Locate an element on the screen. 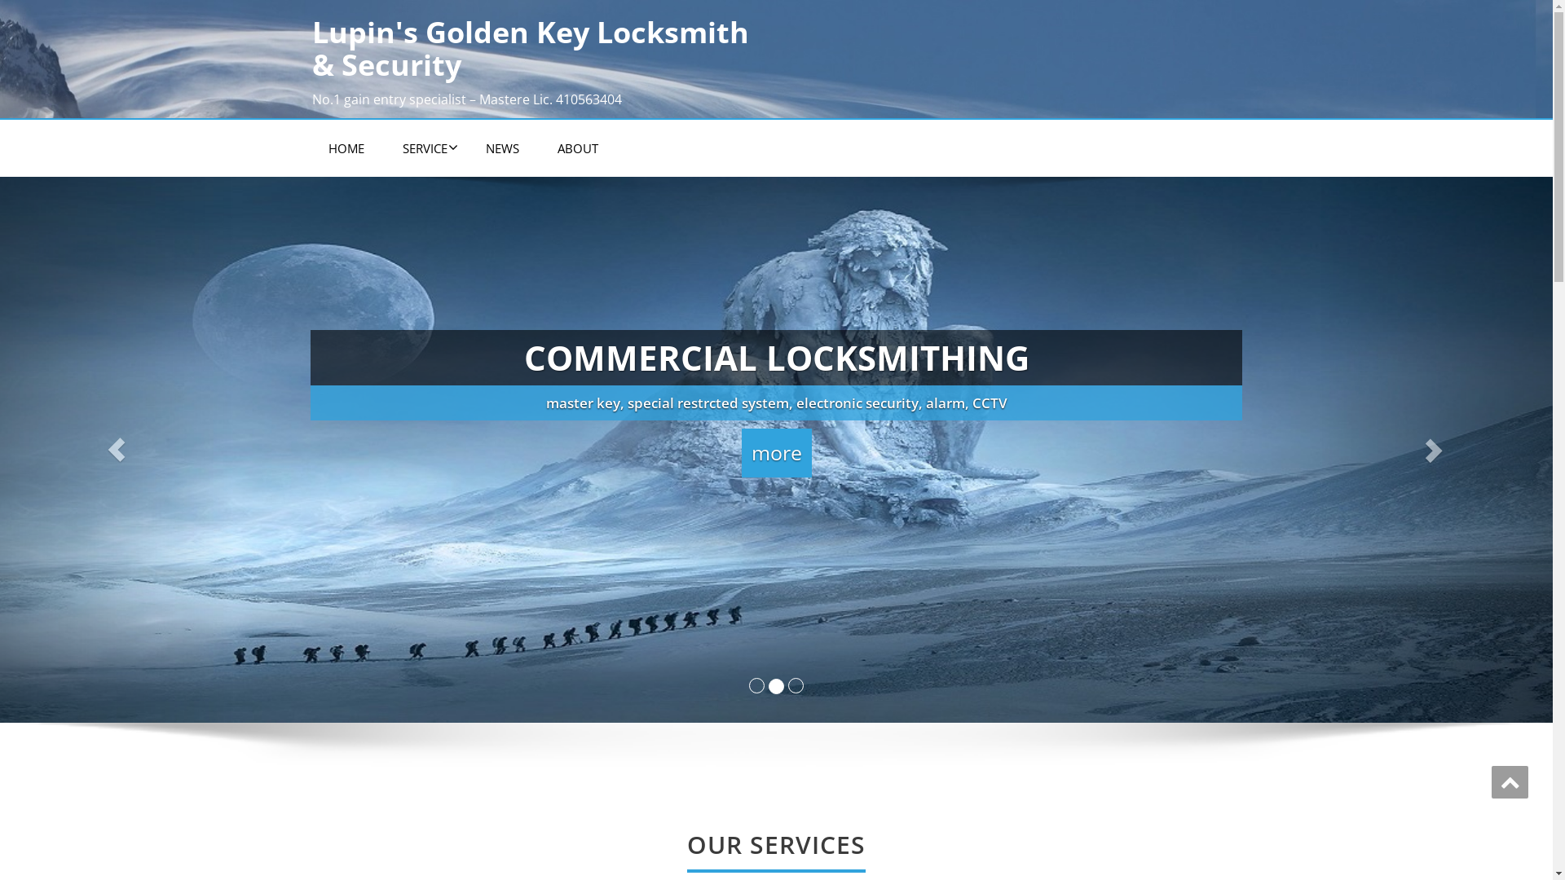 The width and height of the screenshot is (1565, 880). 'HOME' is located at coordinates (311, 147).